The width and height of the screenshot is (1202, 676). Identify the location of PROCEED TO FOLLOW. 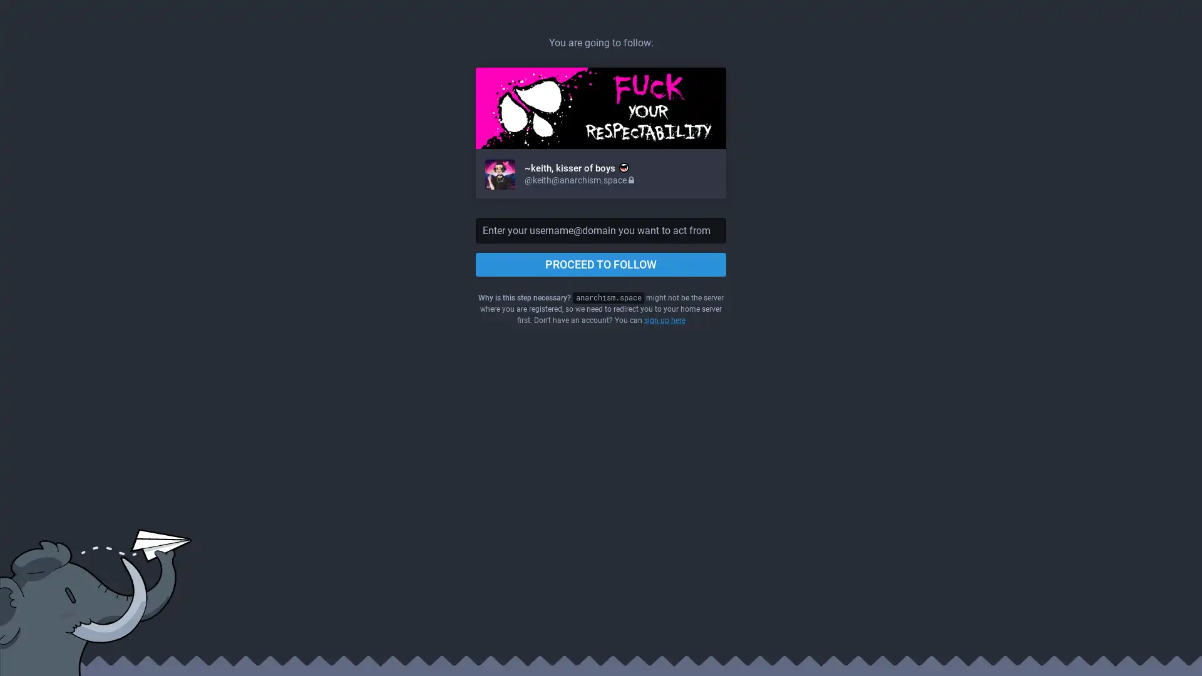
(601, 264).